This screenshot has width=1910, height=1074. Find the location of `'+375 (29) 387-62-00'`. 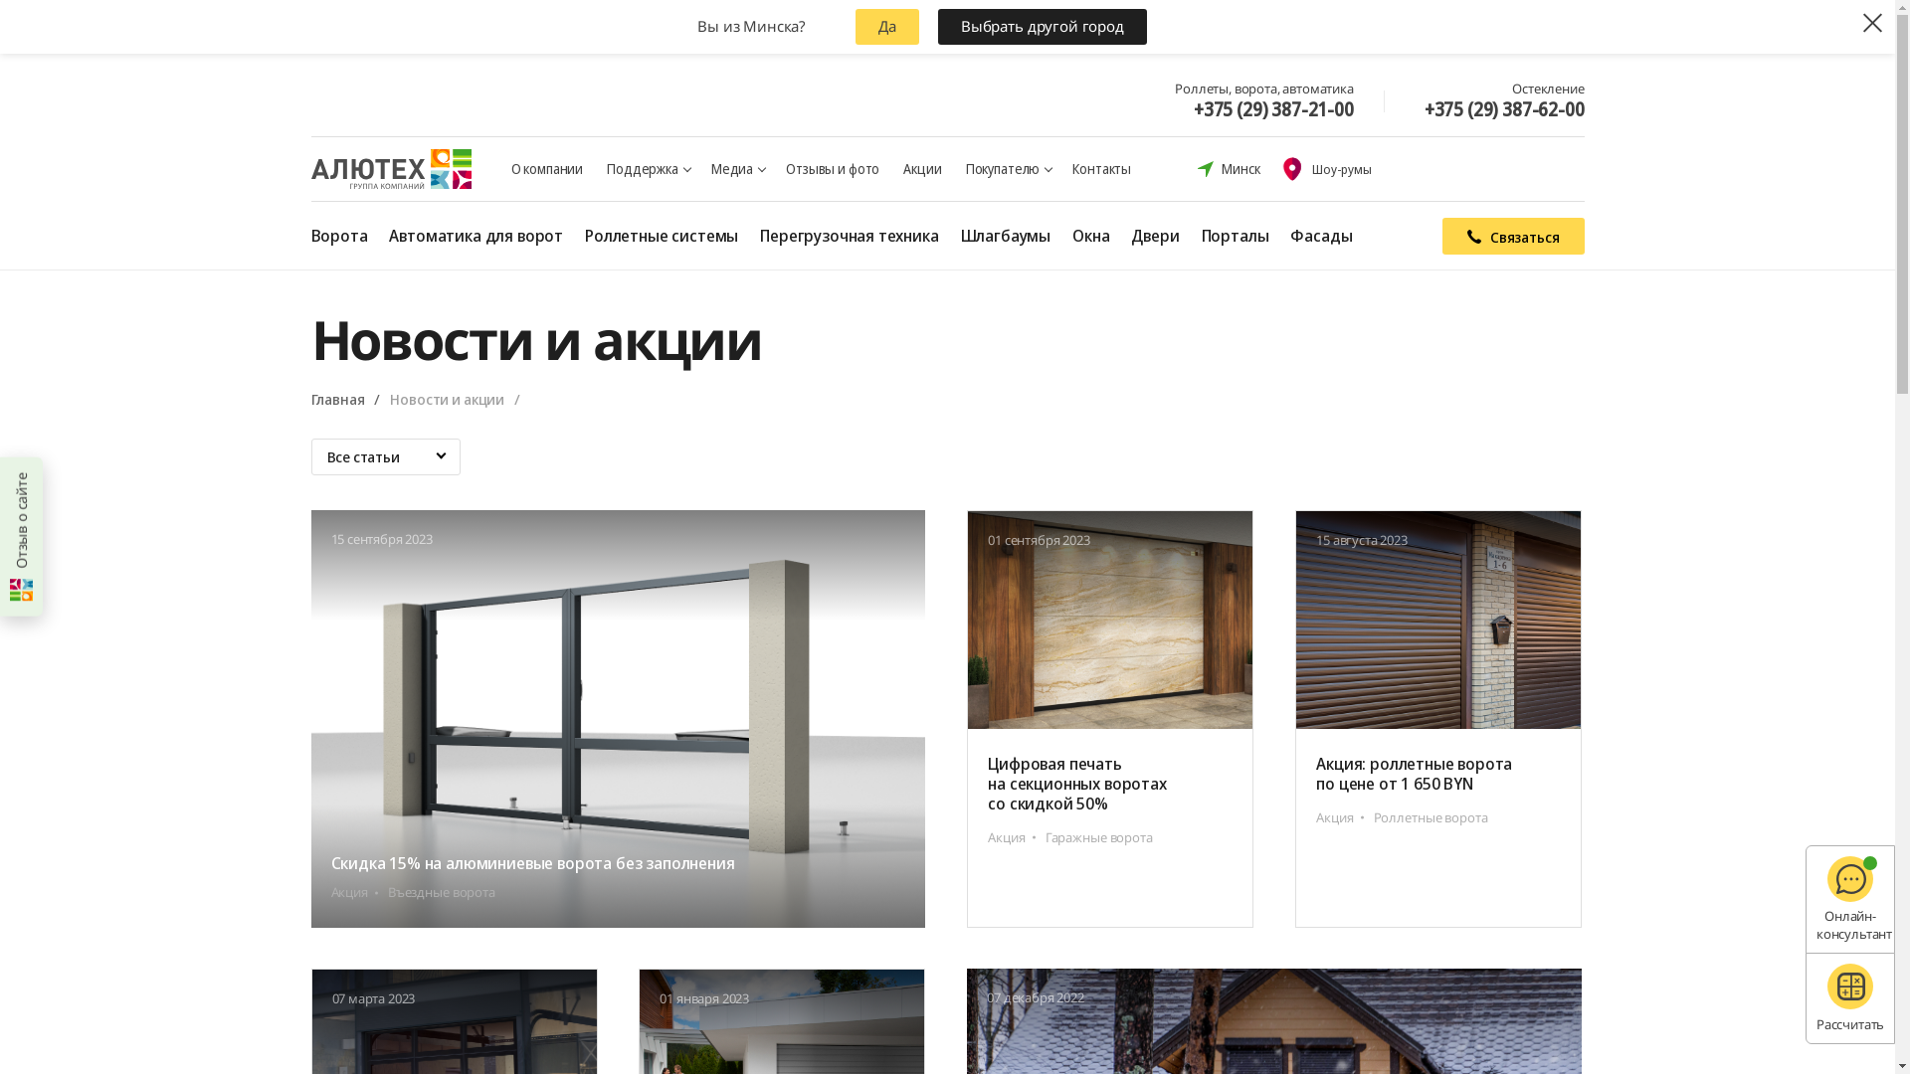

'+375 (29) 387-62-00' is located at coordinates (1504, 109).